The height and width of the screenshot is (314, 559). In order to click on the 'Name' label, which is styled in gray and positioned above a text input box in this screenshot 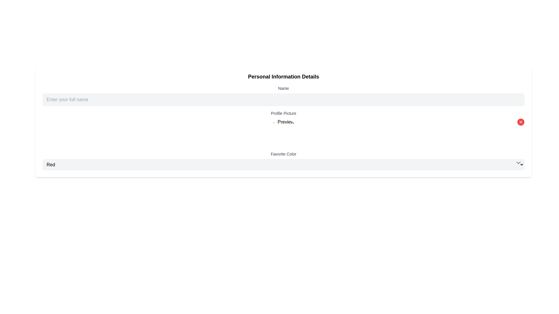, I will do `click(284, 88)`.